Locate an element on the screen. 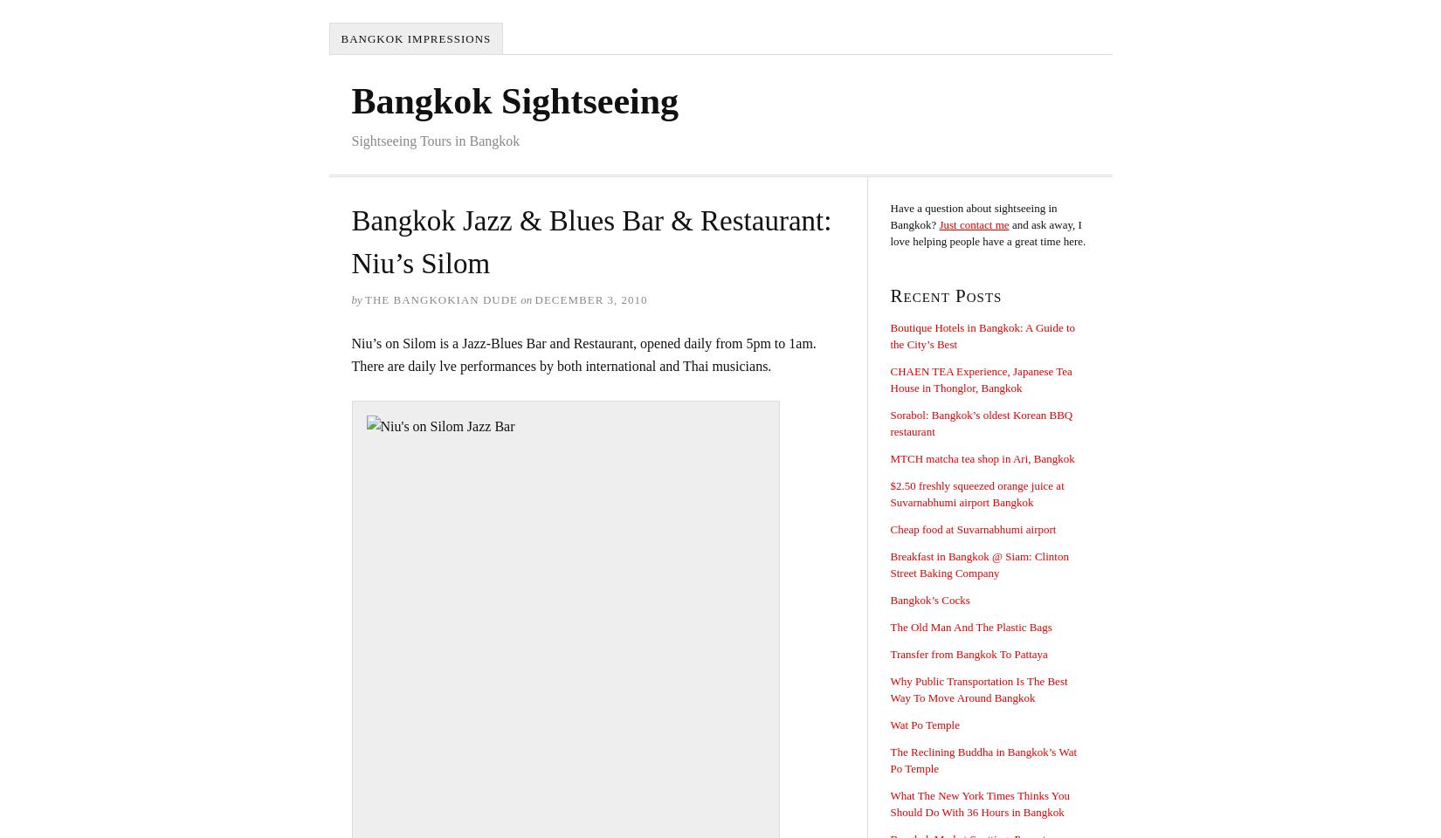  'on' is located at coordinates (525, 299).